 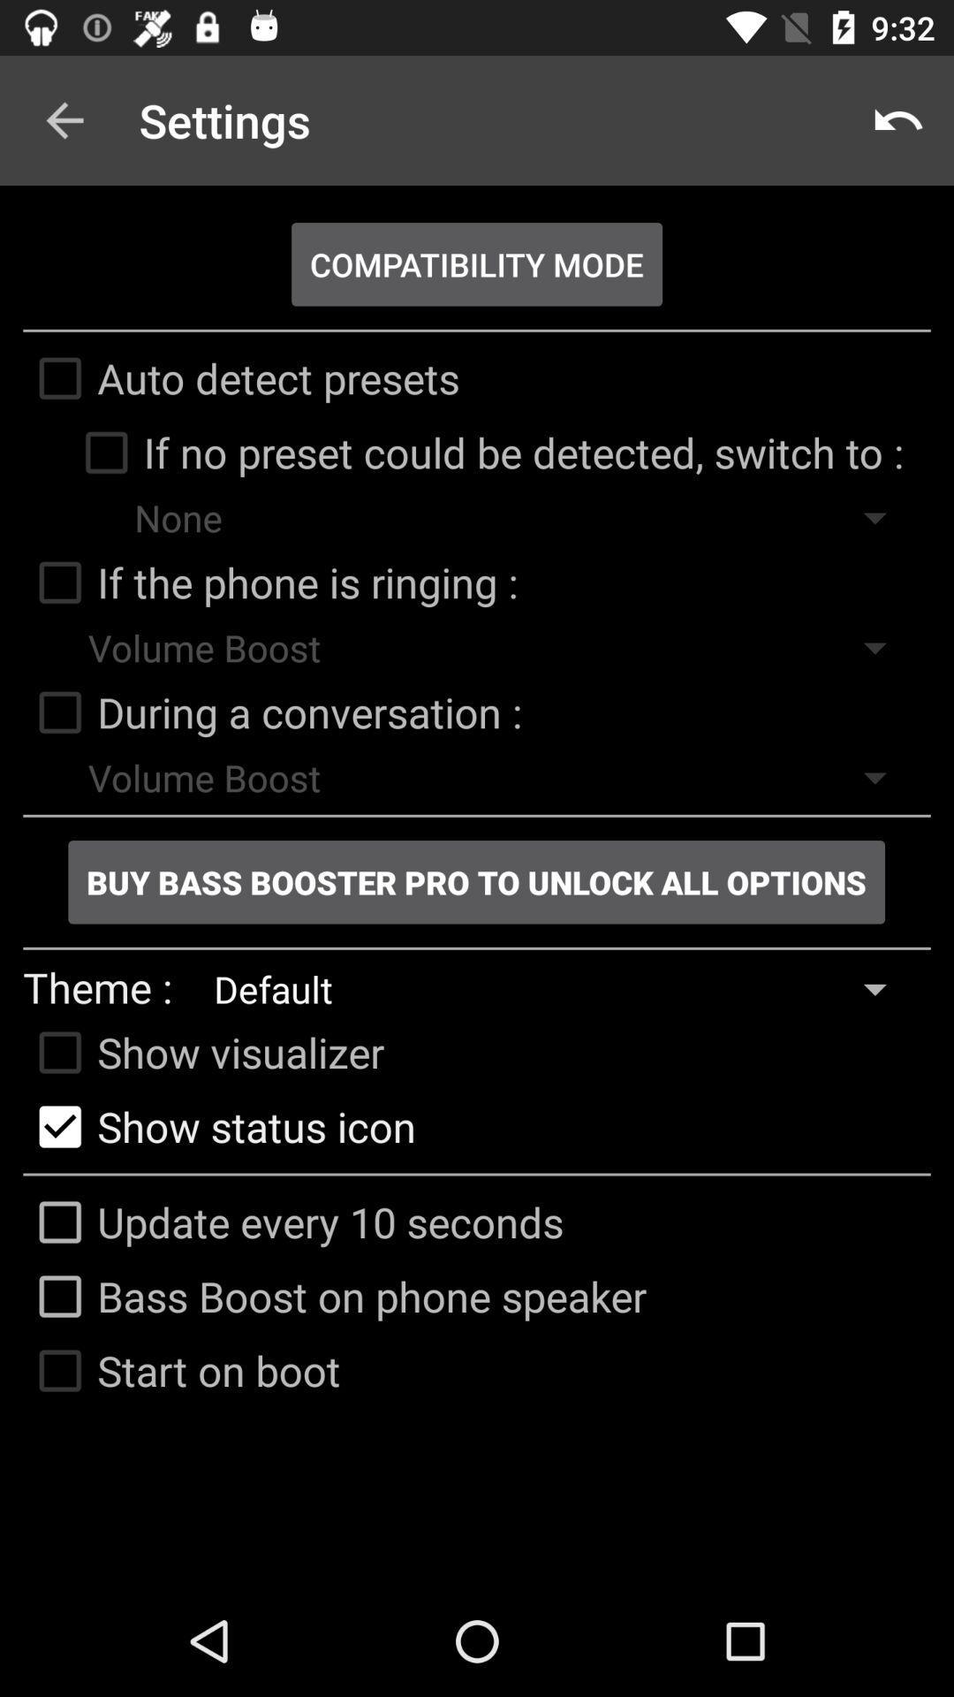 I want to click on app below settings app, so click(x=477, y=263).